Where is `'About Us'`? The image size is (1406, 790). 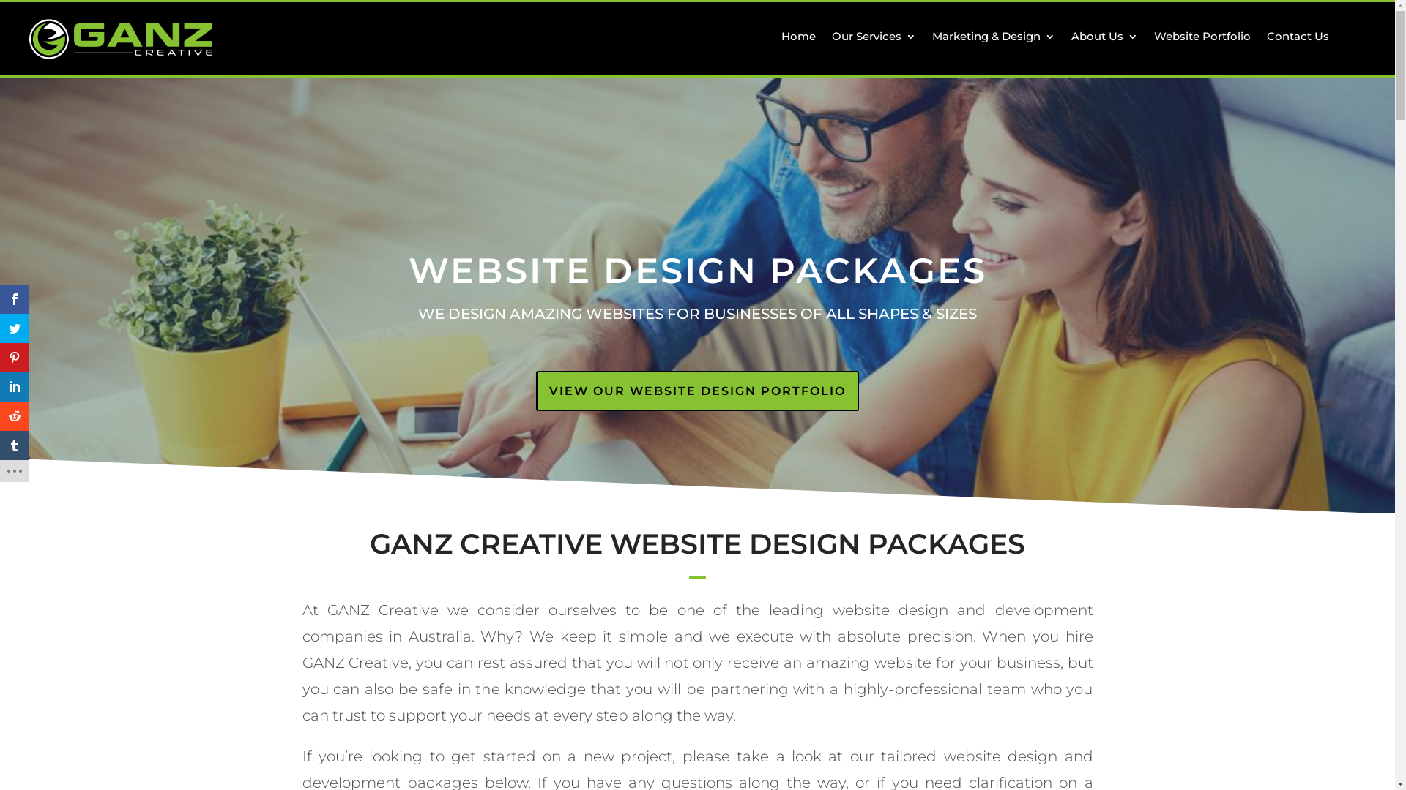
'About Us' is located at coordinates (1104, 39).